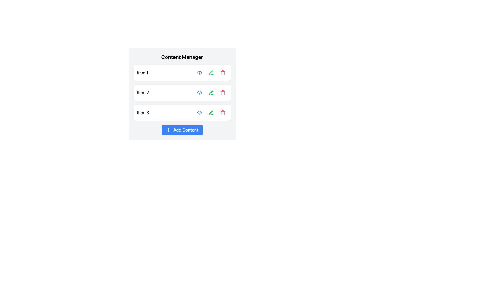 The height and width of the screenshot is (283, 503). What do you see at coordinates (222, 92) in the screenshot?
I see `the red trash bin icon button` at bounding box center [222, 92].